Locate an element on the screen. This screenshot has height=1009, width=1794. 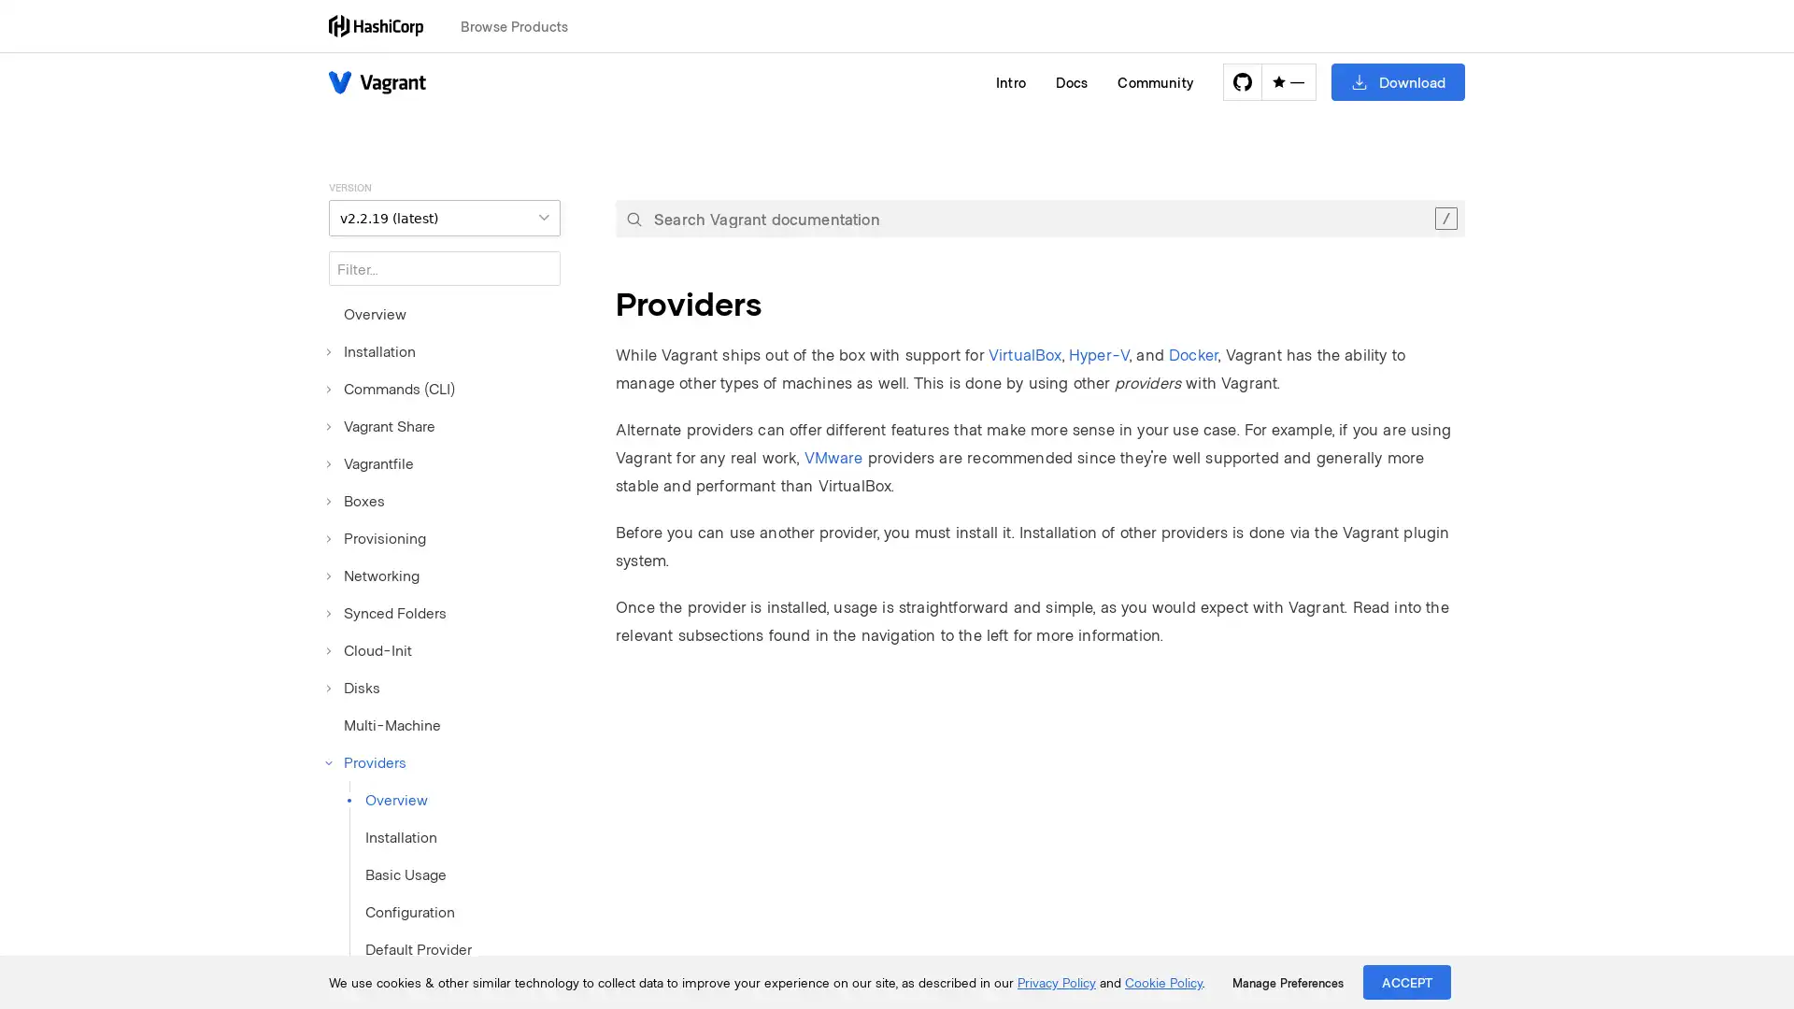
Synced Folders is located at coordinates (386, 612).